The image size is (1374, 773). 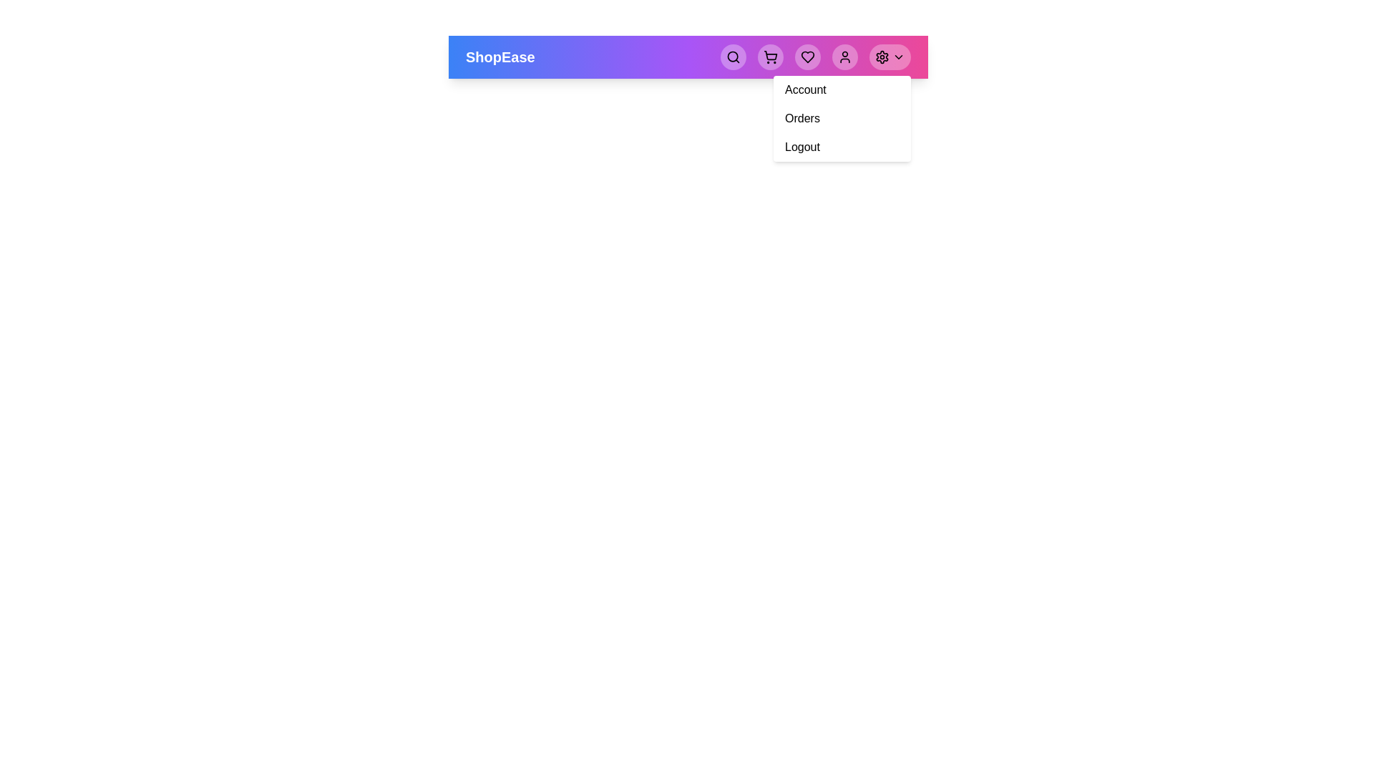 What do you see at coordinates (844, 57) in the screenshot?
I see `the User button` at bounding box center [844, 57].